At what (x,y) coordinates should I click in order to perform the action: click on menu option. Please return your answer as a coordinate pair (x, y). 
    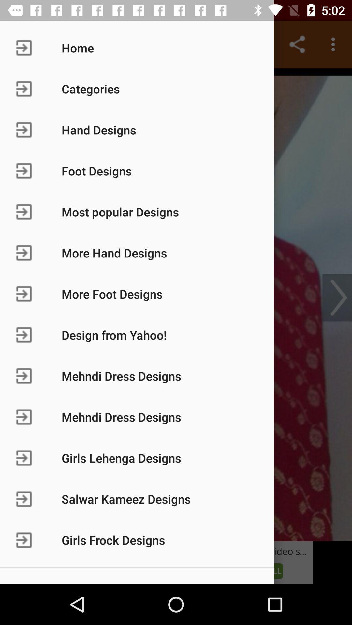
    Looking at the image, I should click on (176, 304).